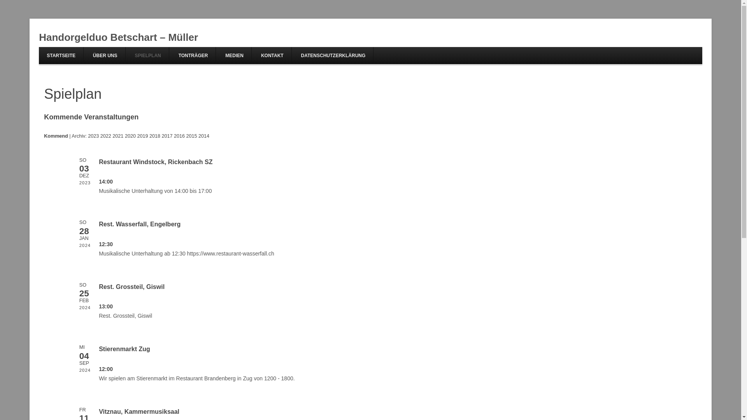  What do you see at coordinates (192, 136) in the screenshot?
I see `'2015'` at bounding box center [192, 136].